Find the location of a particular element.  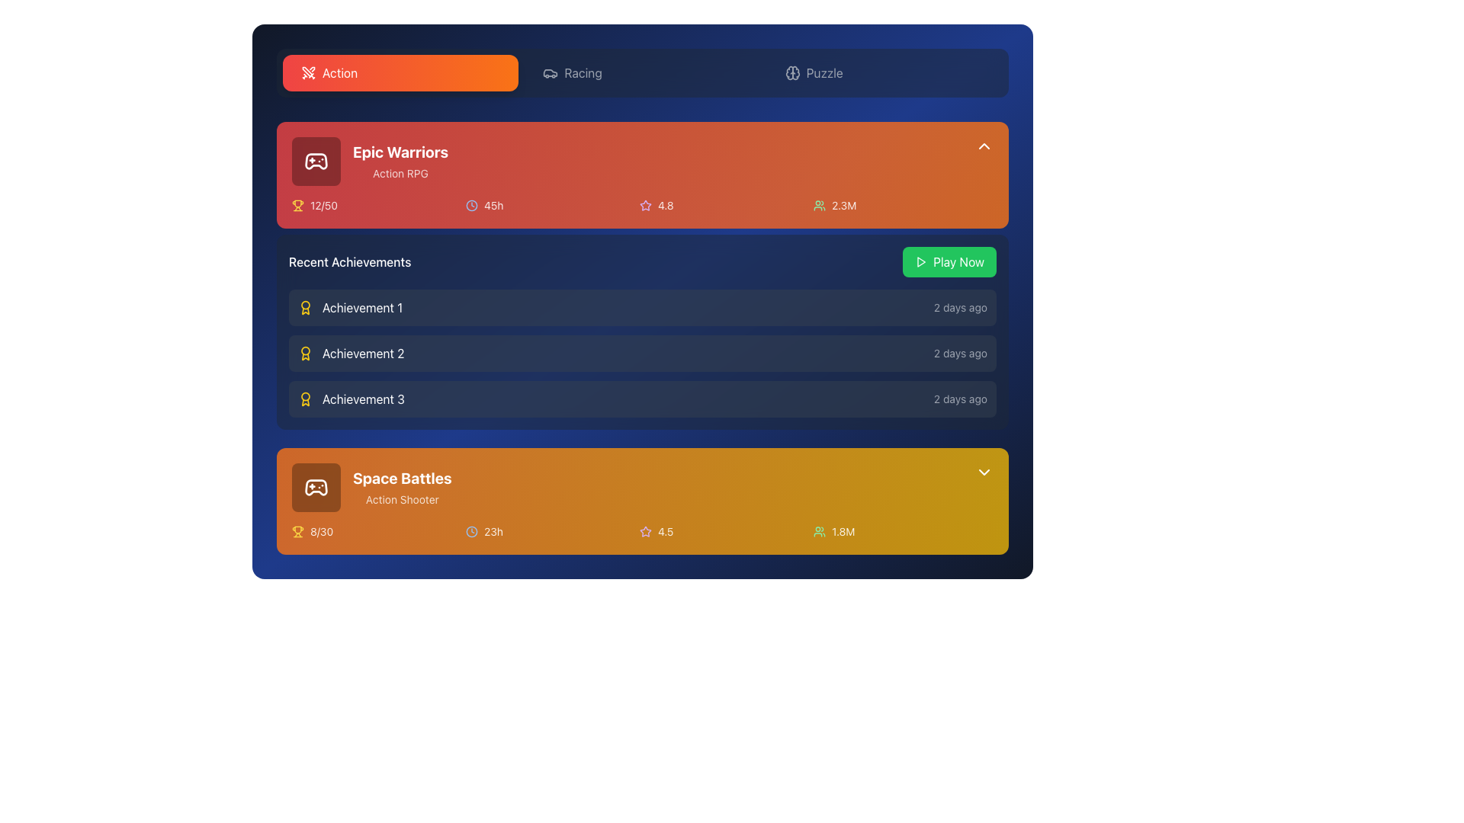

the Display card for 'Space Battles', which is the last card in the vertical stack of game entries located in the lower section of the interface is located at coordinates (633, 488).